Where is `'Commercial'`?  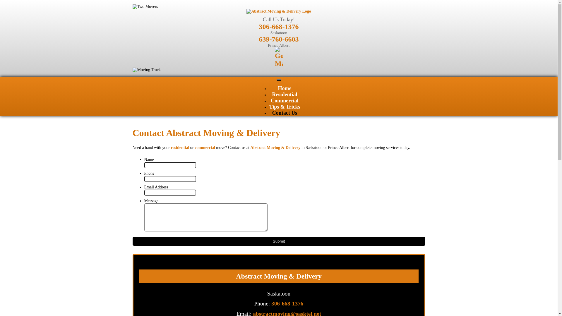 'Commercial' is located at coordinates (270, 100).